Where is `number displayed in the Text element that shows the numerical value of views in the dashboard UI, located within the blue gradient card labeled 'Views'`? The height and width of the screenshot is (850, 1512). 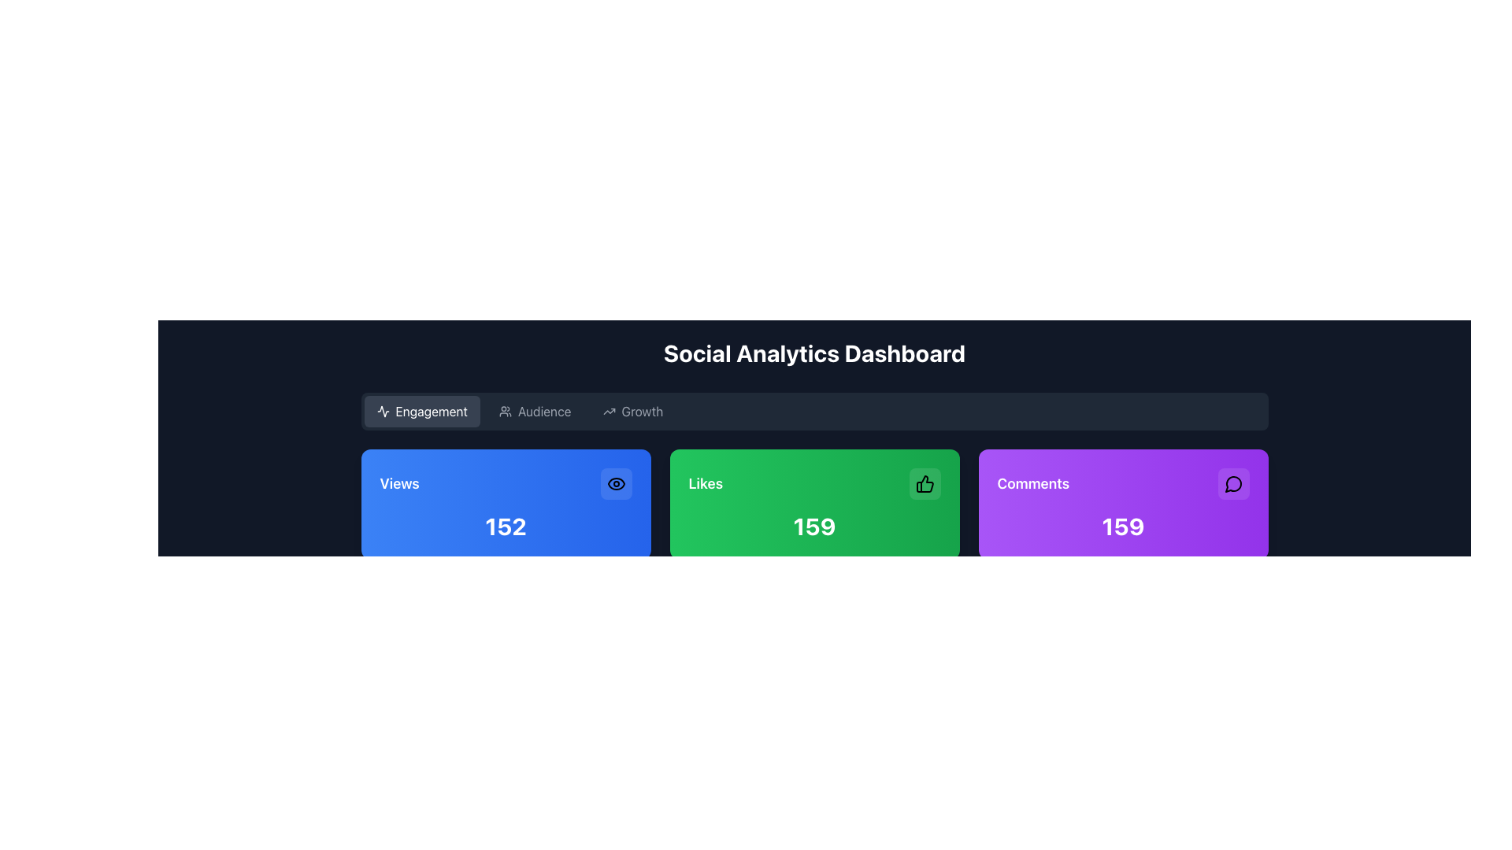
number displayed in the Text element that shows the numerical value of views in the dashboard UI, located within the blue gradient card labeled 'Views' is located at coordinates (506, 526).